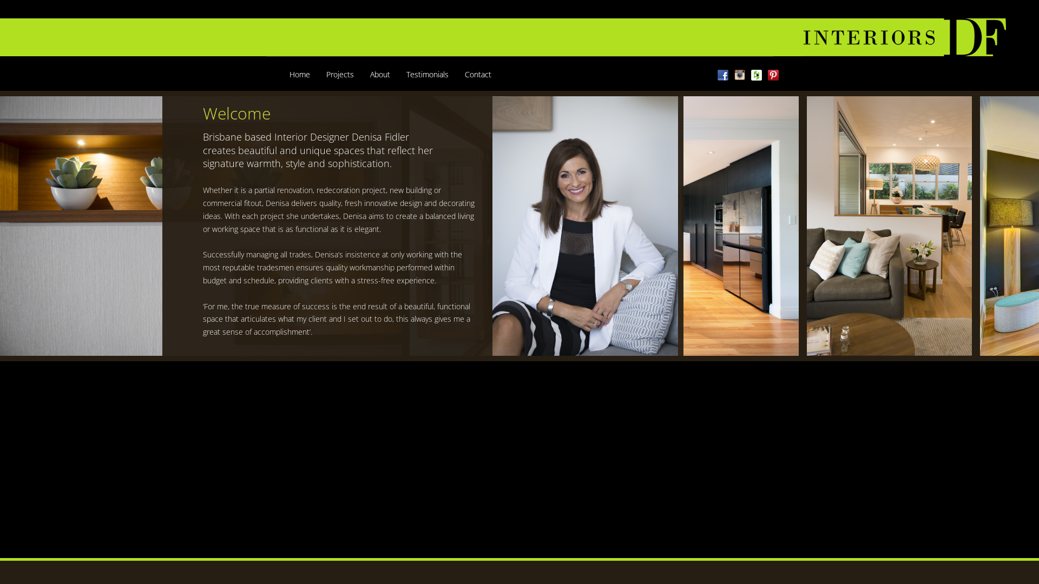  Describe the element at coordinates (427, 74) in the screenshot. I see `'Testimonials'` at that location.